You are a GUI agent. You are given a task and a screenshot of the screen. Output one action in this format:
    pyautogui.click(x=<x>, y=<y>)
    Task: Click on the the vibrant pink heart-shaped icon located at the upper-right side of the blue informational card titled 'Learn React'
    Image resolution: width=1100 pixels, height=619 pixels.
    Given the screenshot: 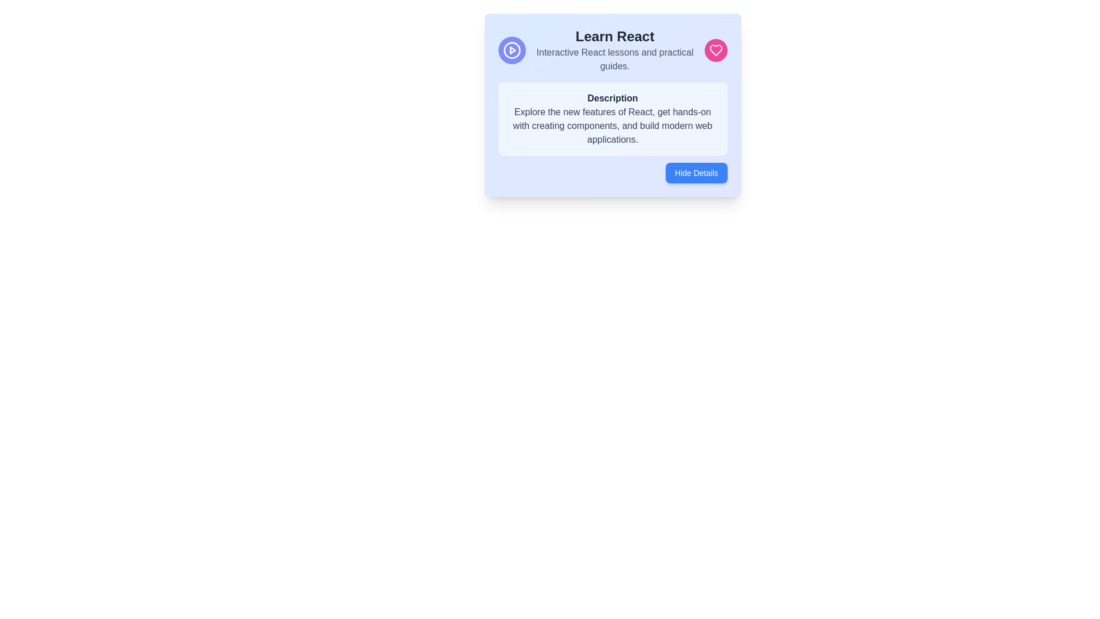 What is the action you would take?
    pyautogui.click(x=715, y=50)
    